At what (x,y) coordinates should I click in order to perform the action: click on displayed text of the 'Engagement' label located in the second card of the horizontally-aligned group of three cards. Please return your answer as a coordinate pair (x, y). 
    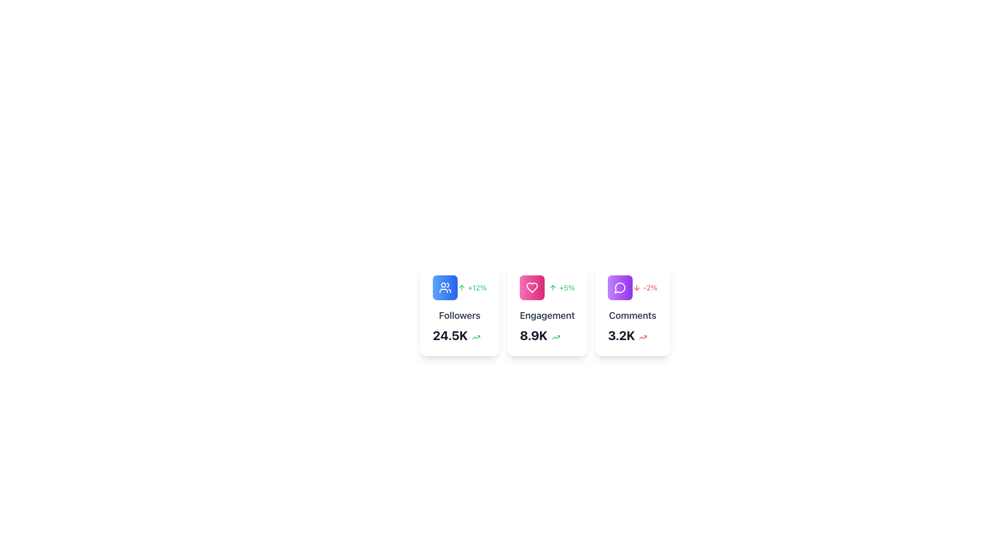
    Looking at the image, I should click on (547, 315).